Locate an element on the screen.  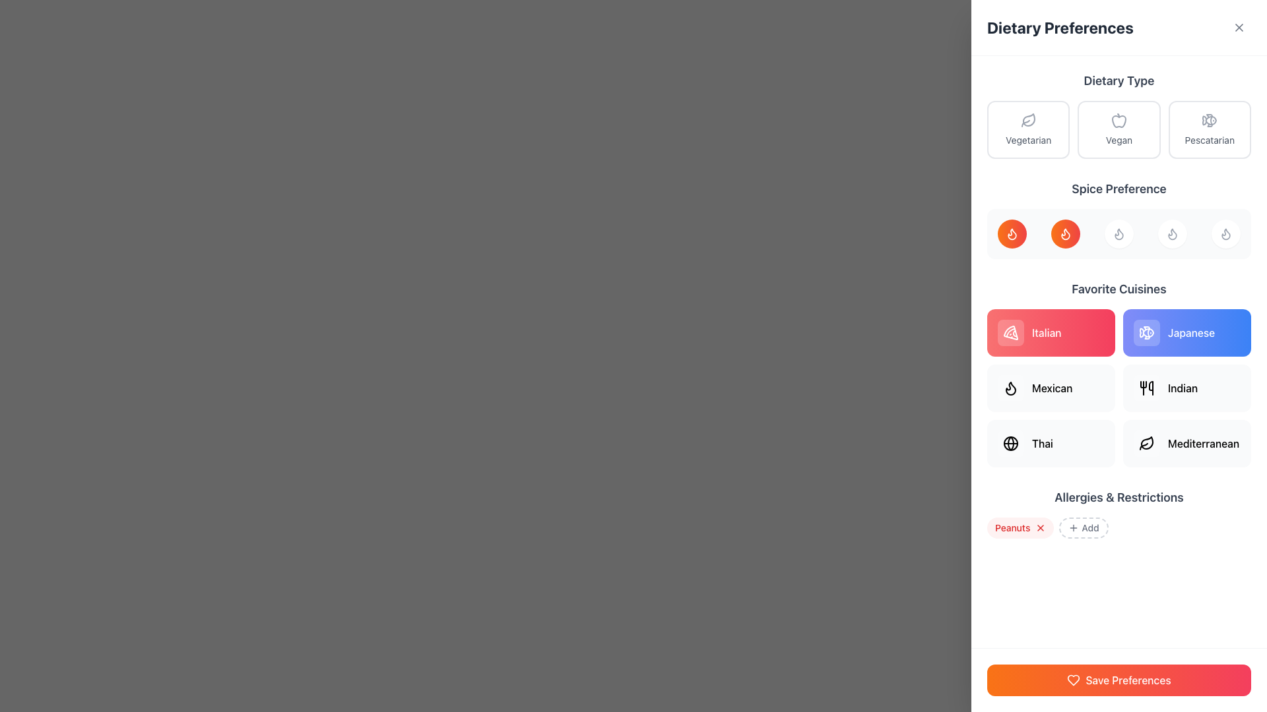
the medium spice level button, which is the third button in the horizontal row under the 'Spice Preference' section is located at coordinates (1118, 233).